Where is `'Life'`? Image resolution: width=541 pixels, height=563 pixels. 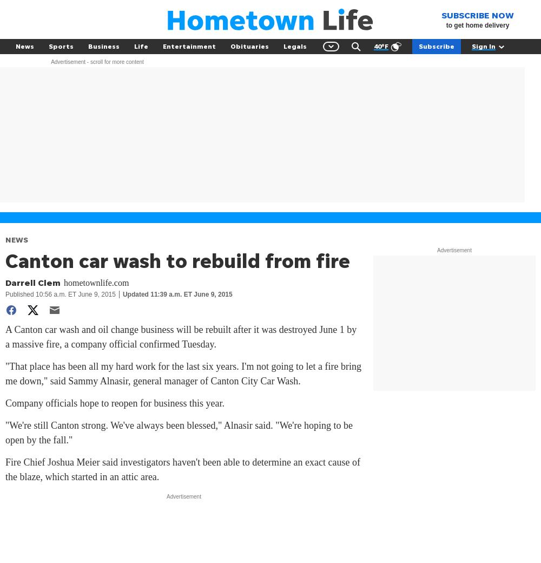
'Life' is located at coordinates (141, 45).